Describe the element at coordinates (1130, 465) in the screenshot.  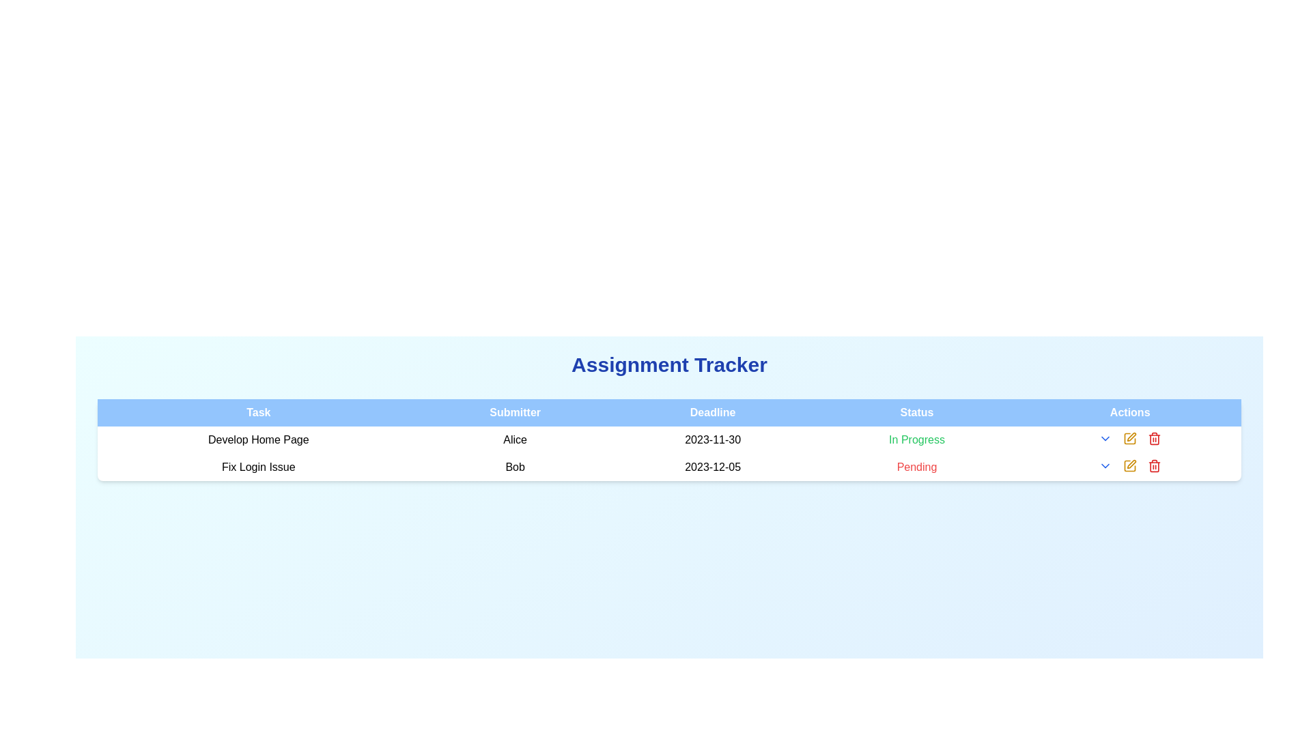
I see `the yellow pen-shaped edit icon located in the second row under the 'Actions' column to change its color` at that location.